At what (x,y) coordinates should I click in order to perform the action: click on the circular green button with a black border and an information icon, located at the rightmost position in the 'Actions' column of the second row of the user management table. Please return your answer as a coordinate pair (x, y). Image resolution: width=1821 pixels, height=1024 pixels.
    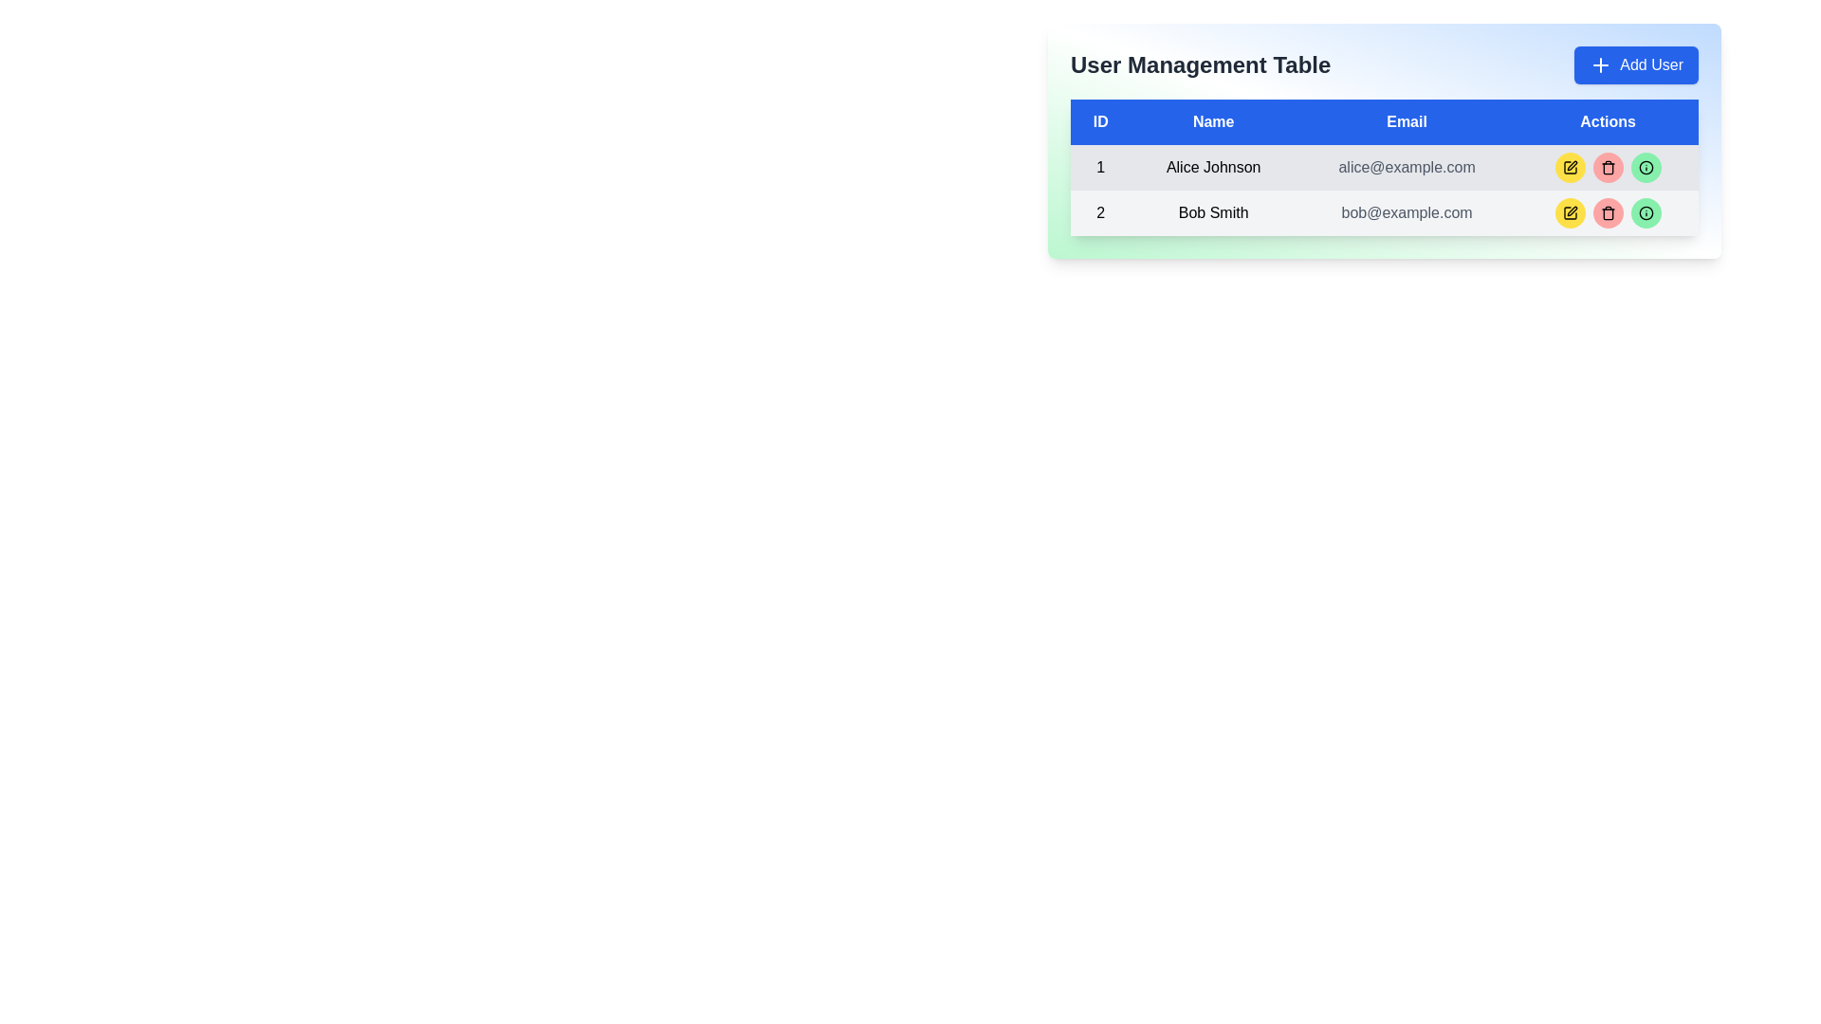
    Looking at the image, I should click on (1645, 212).